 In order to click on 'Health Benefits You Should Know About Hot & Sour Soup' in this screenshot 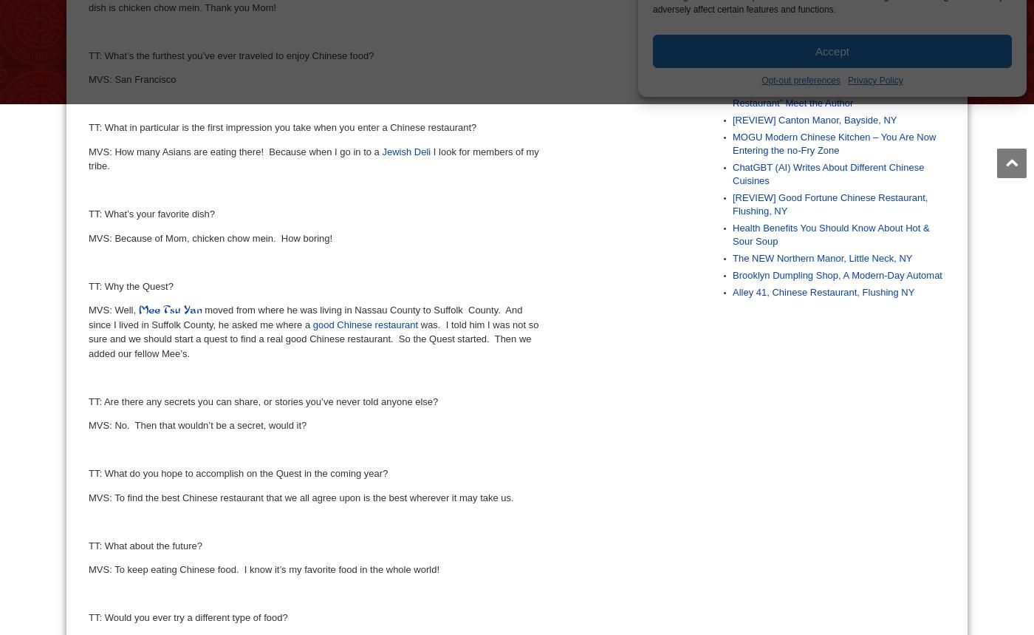, I will do `click(831, 234)`.